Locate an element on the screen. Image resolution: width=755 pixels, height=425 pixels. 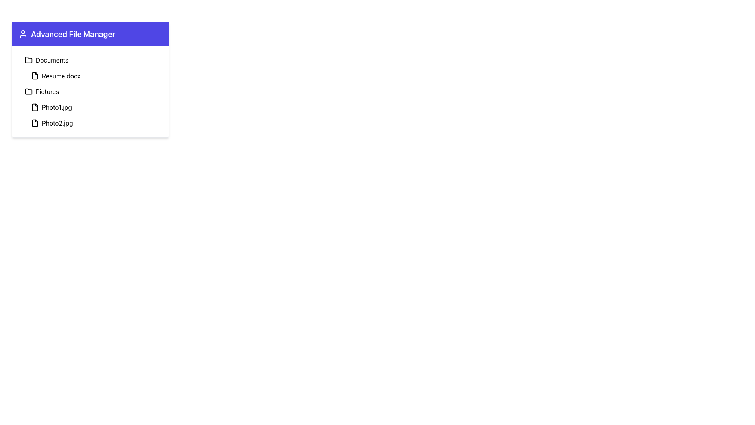
text content of the Text Label located at the top section of the bordered and shadowed card or panel, which serves as its header is located at coordinates (90, 34).